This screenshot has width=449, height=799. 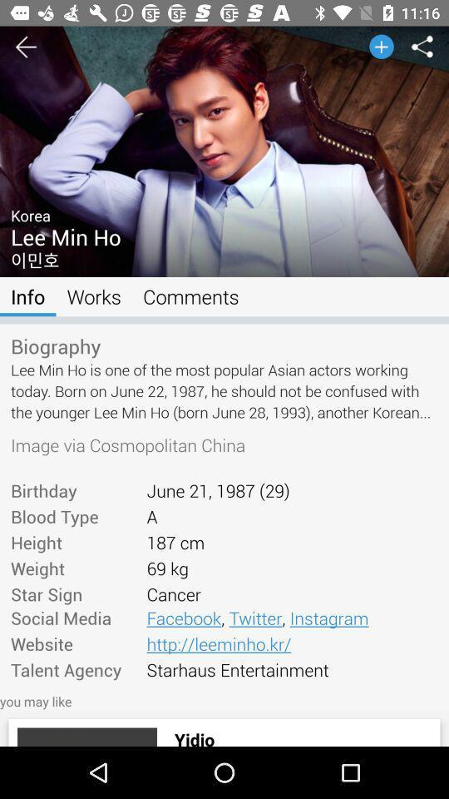 What do you see at coordinates (374, 52) in the screenshot?
I see `the add icon` at bounding box center [374, 52].